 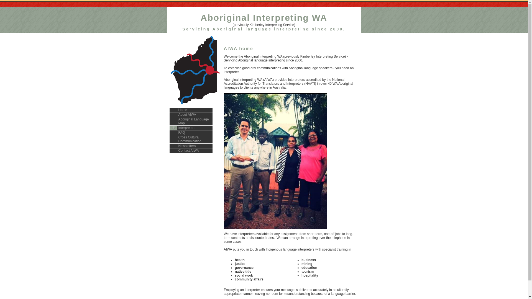 What do you see at coordinates (169, 146) in the screenshot?
I see `'Newsletters'` at bounding box center [169, 146].